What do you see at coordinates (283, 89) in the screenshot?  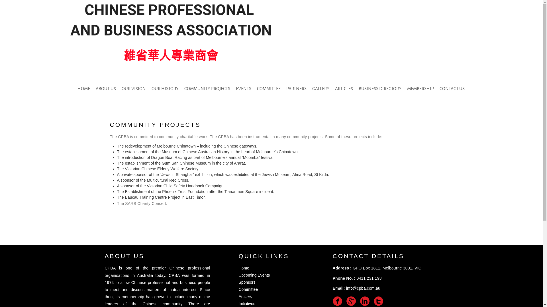 I see `'PARTNERS'` at bounding box center [283, 89].